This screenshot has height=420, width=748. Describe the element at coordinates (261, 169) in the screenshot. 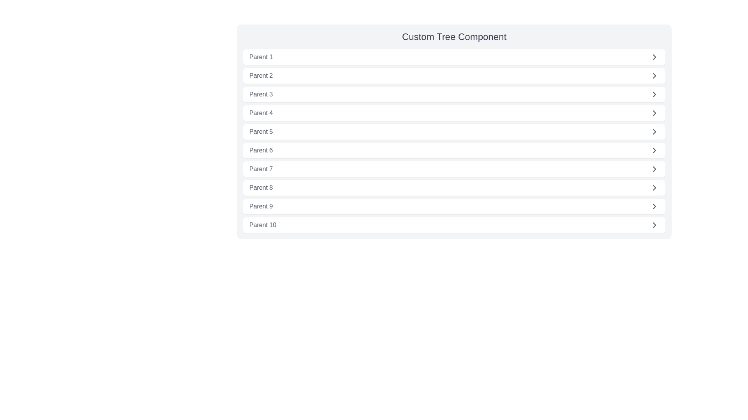

I see `the text label for the seventh item in a vertical list of ten items, which provides context or identification for the associated list item` at that location.